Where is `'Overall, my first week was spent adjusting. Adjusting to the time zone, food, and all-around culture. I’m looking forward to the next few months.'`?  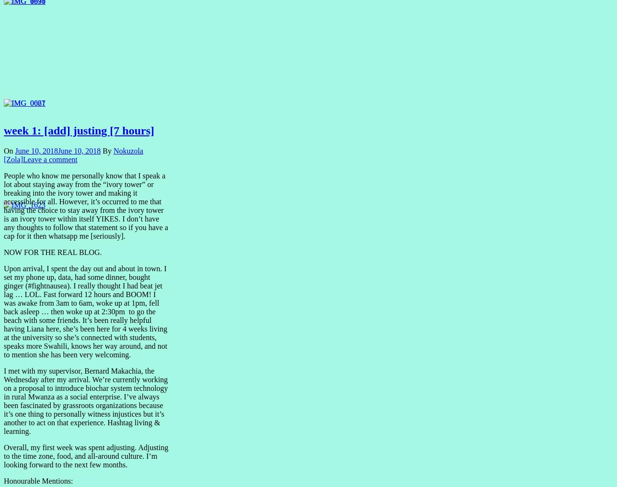
'Overall, my first week was spent adjusting. Adjusting to the time zone, food, and all-around culture. I’m looking forward to the next few months.' is located at coordinates (86, 455).